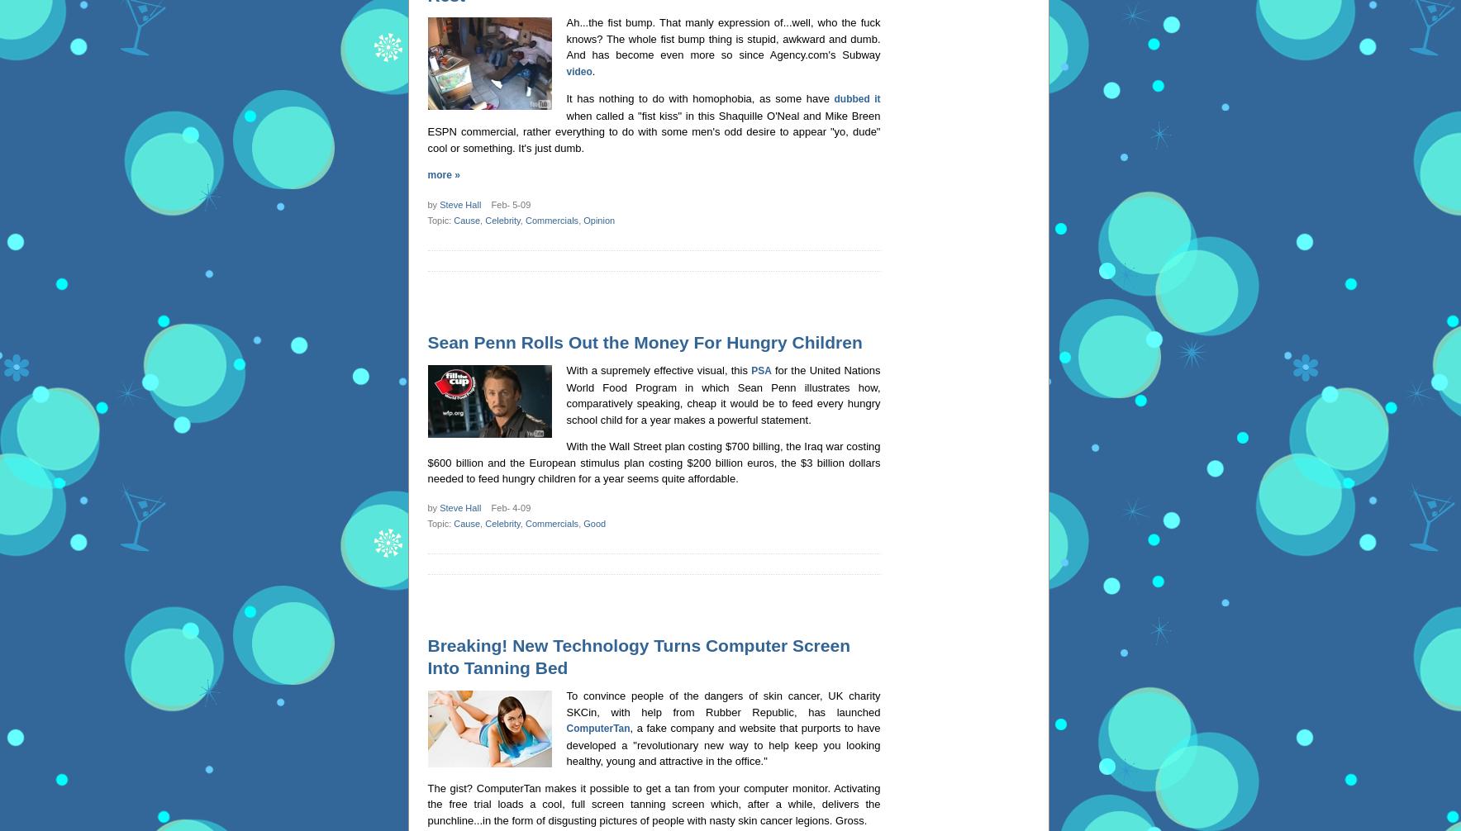 The image size is (1461, 831). Describe the element at coordinates (654, 803) in the screenshot. I see `'The gist? ComputerTan makes it possible to get a tan from your computer monitor. Activating the free trial loads a cool, full screen tanning screen which, after a while, delivers the punchline...in the form of disgusting pictures of people with nasty skin cancer legions. Gross.'` at that location.